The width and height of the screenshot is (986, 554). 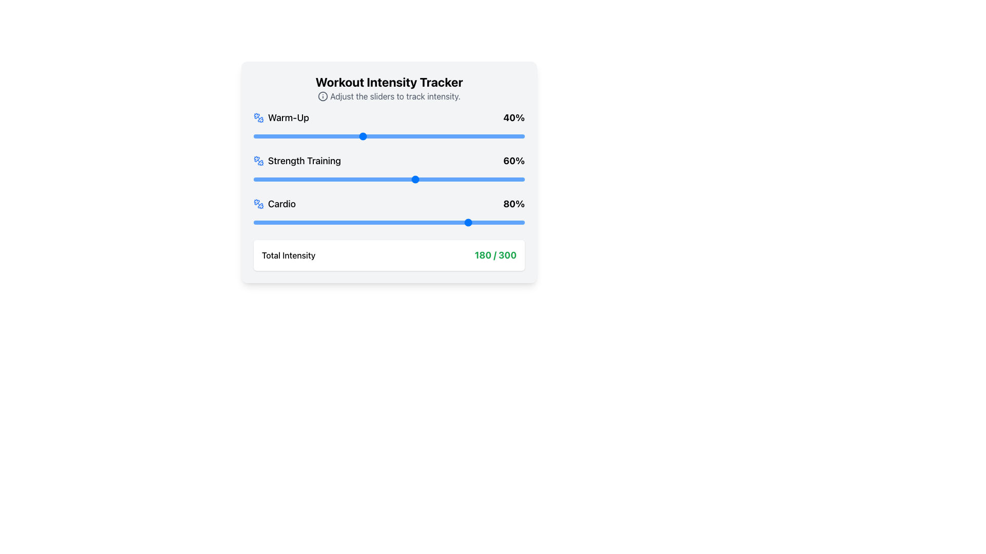 What do you see at coordinates (389, 81) in the screenshot?
I see `the text label that displays 'Workout Intensity Tracker', which is prominently positioned at the top of the card layout` at bounding box center [389, 81].